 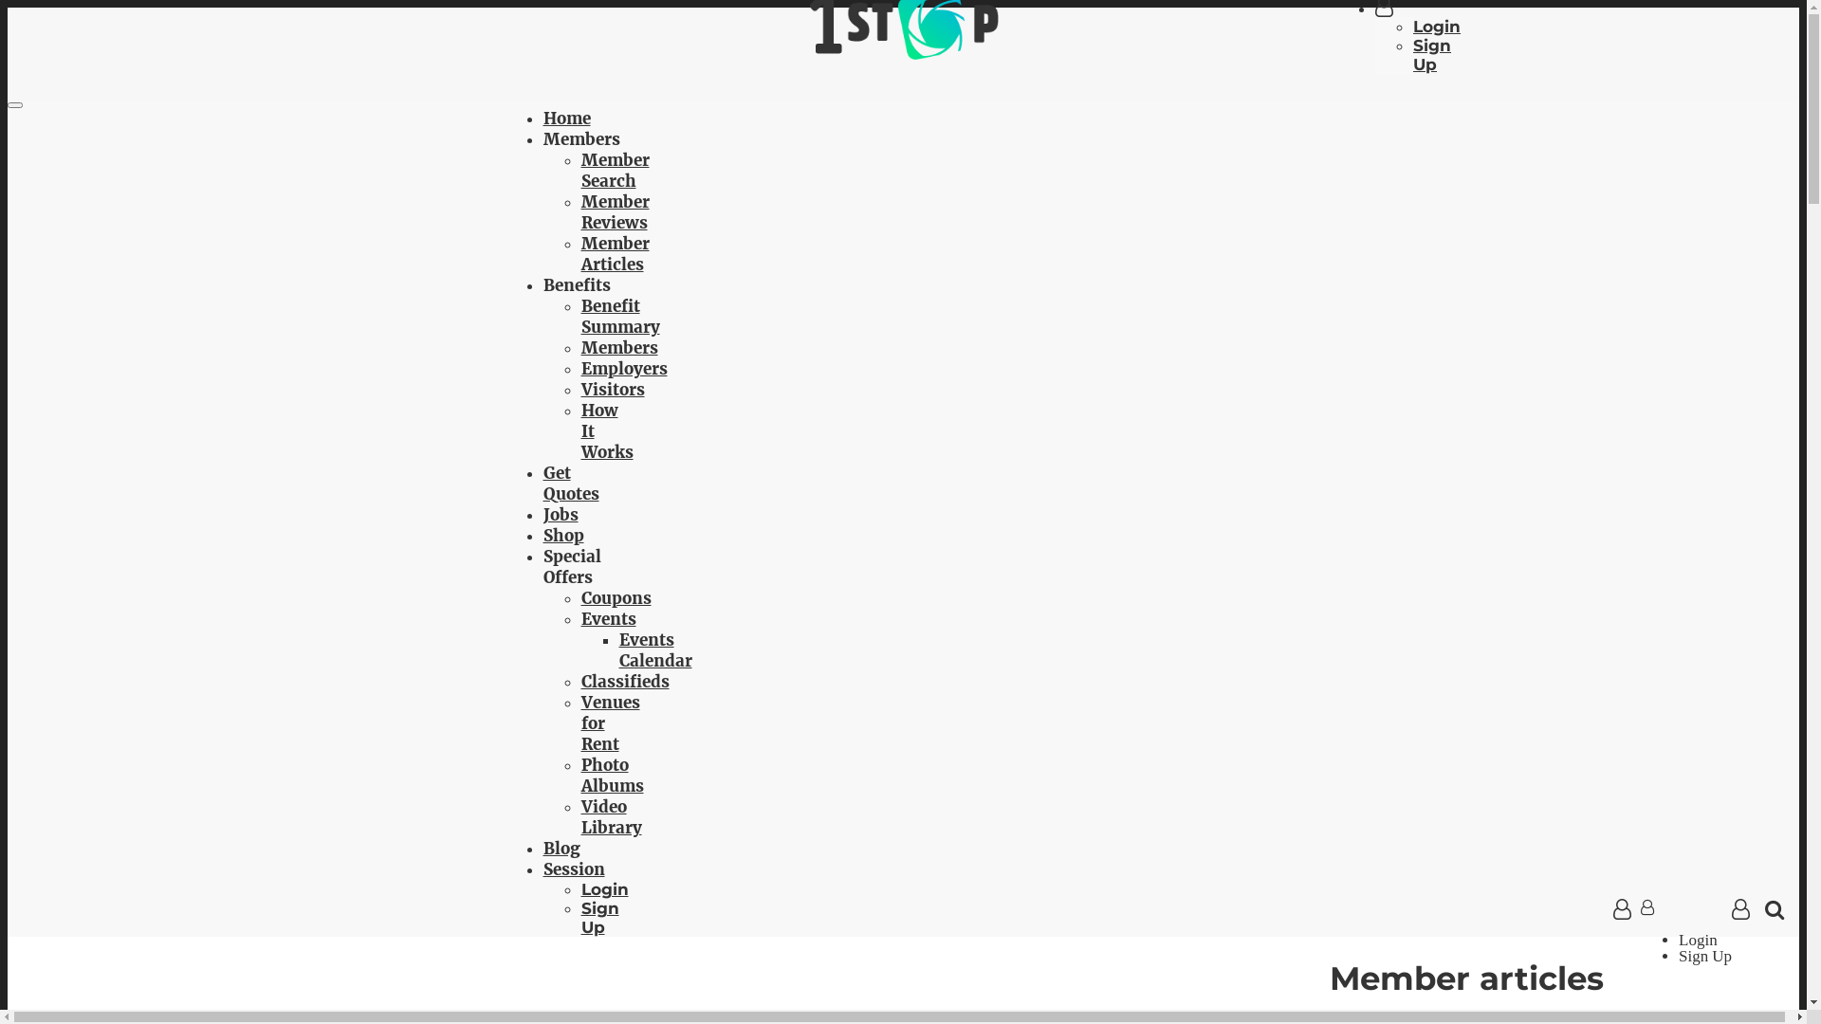 I want to click on 'Session', so click(x=572, y=869).